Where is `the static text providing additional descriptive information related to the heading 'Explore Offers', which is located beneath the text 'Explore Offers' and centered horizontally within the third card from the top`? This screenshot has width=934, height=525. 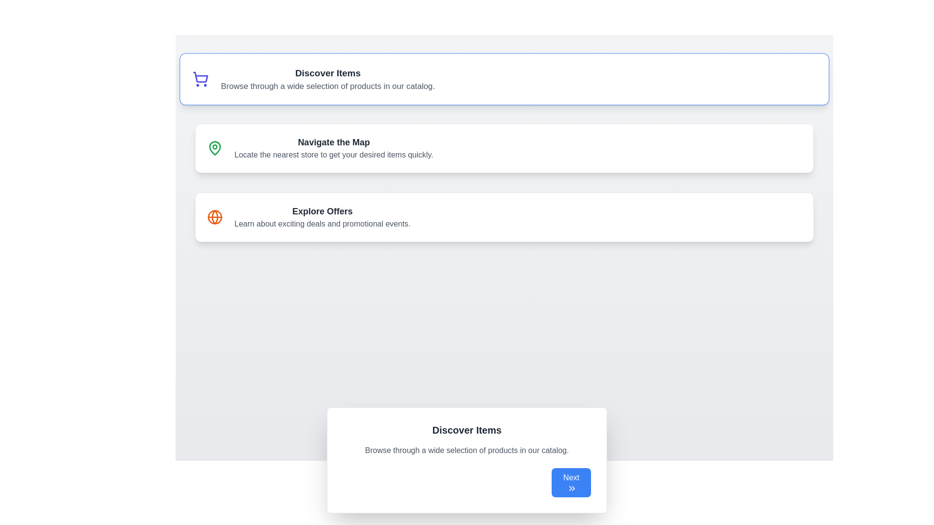 the static text providing additional descriptive information related to the heading 'Explore Offers', which is located beneath the text 'Explore Offers' and centered horizontally within the third card from the top is located at coordinates (322, 224).